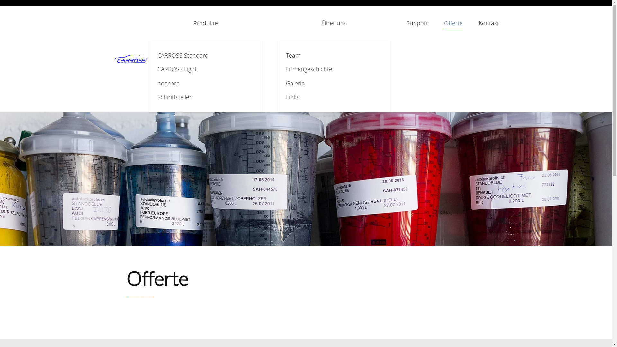 The height and width of the screenshot is (347, 617). What do you see at coordinates (488, 23) in the screenshot?
I see `'Kontakt'` at bounding box center [488, 23].